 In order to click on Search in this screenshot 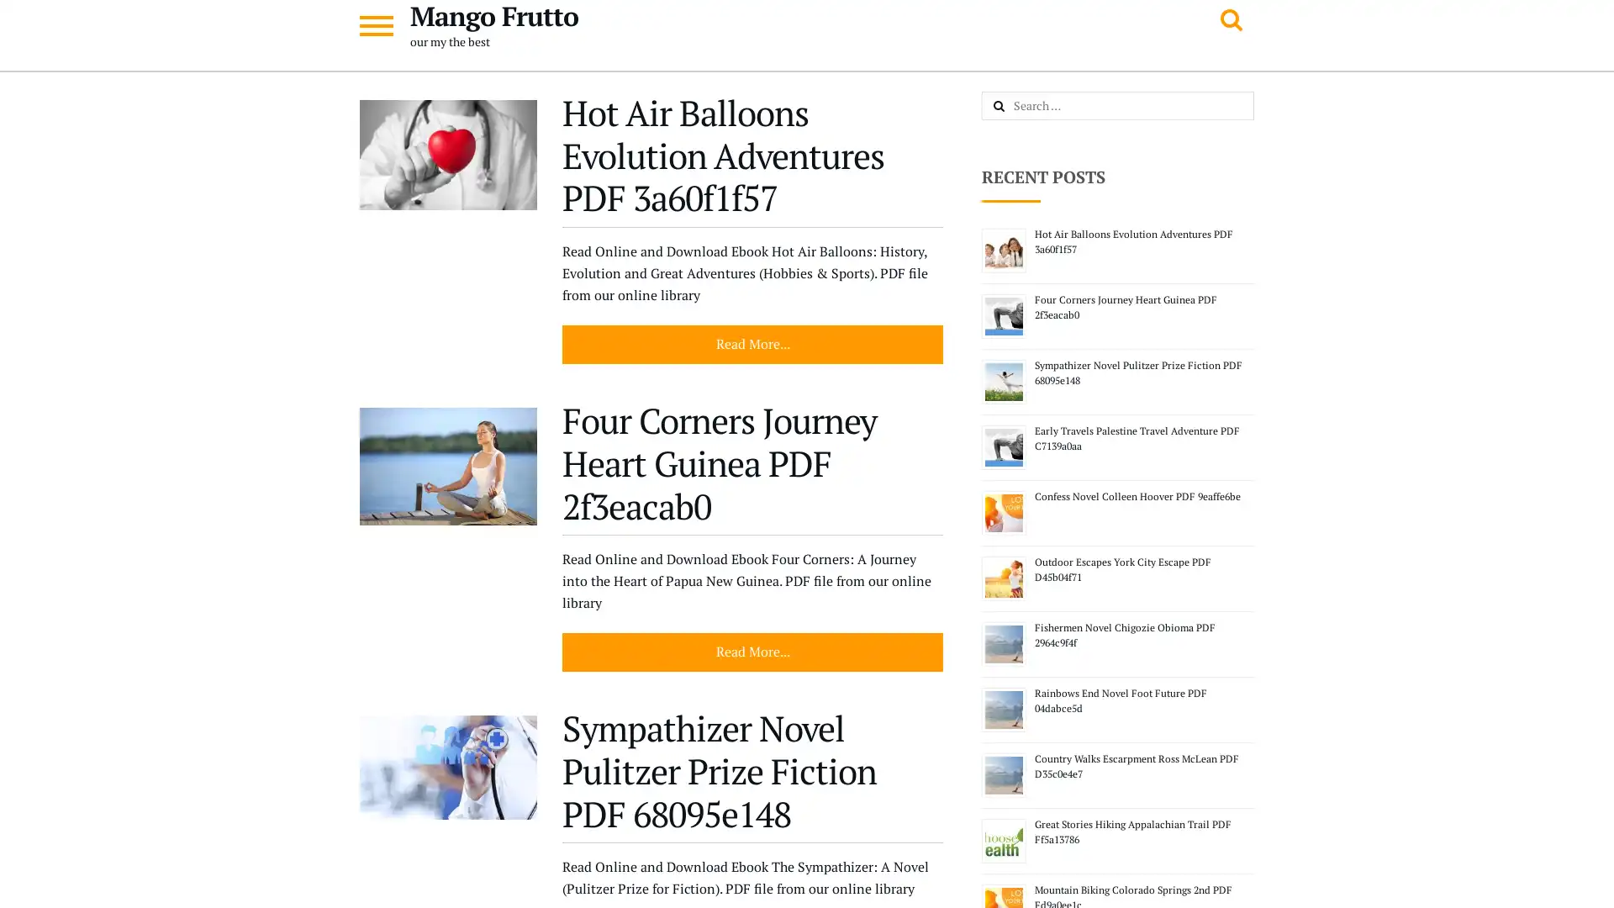, I will do `click(1016, 107)`.